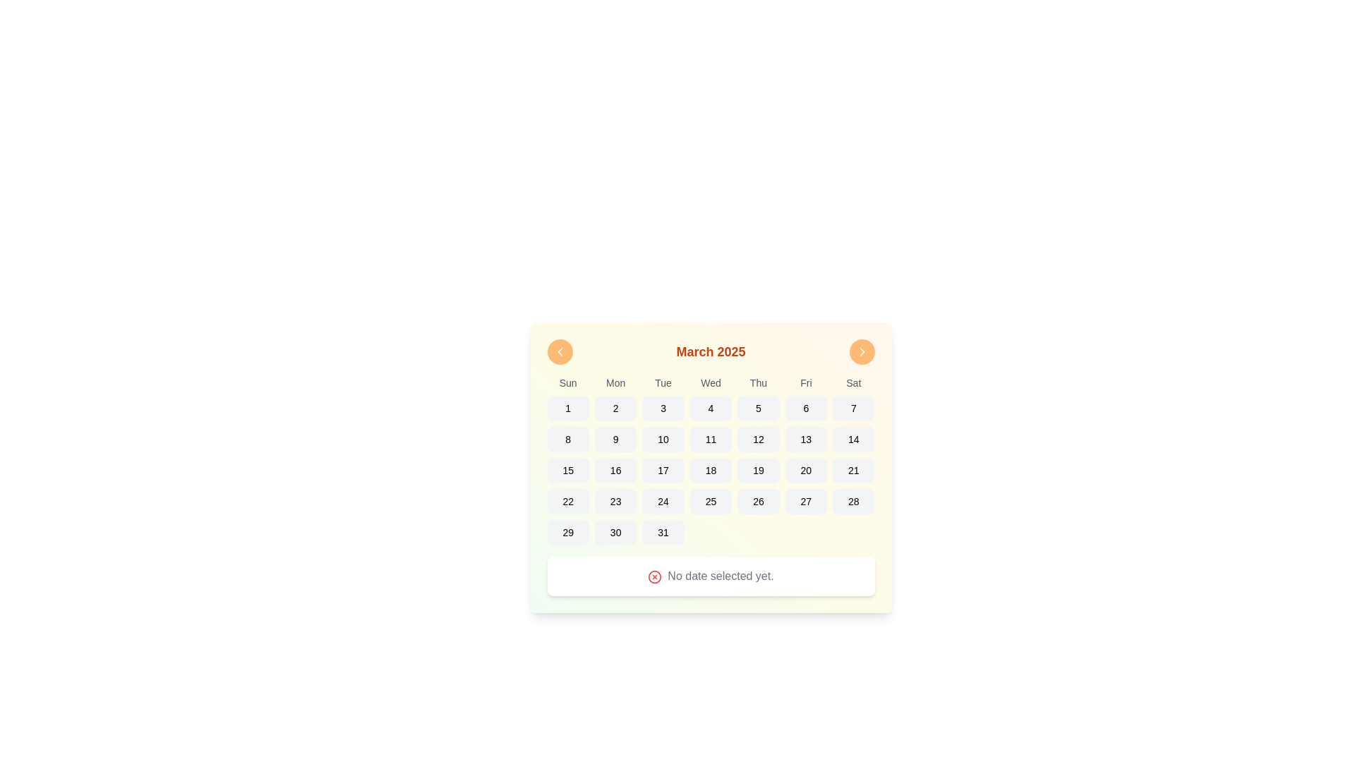 The width and height of the screenshot is (1355, 762). What do you see at coordinates (615, 471) in the screenshot?
I see `the button representing the 16th day of March 2025 in the calendar interface` at bounding box center [615, 471].